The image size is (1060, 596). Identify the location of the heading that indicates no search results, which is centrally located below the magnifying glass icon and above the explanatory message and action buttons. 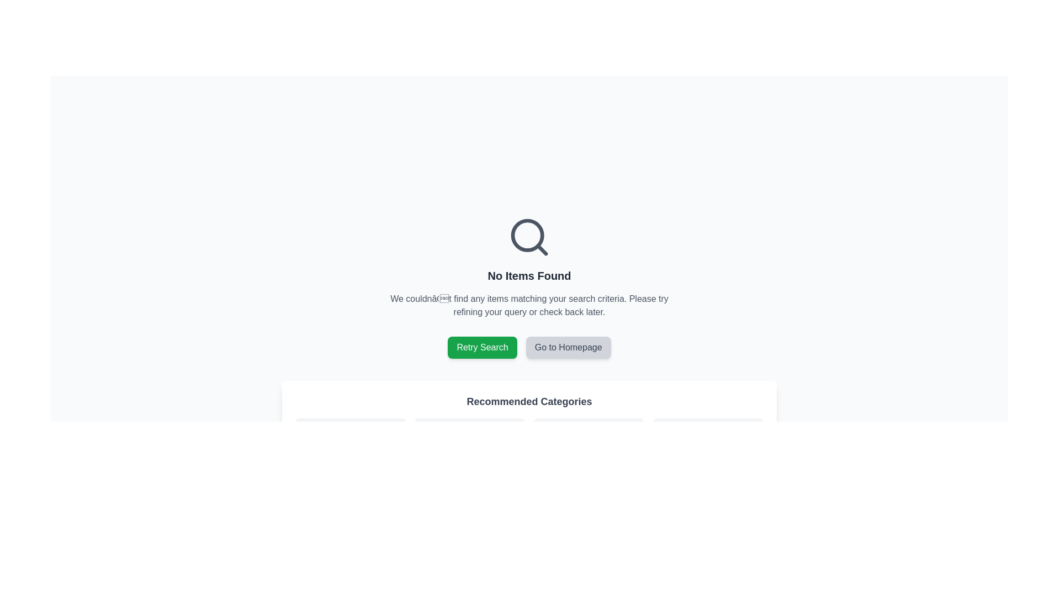
(529, 275).